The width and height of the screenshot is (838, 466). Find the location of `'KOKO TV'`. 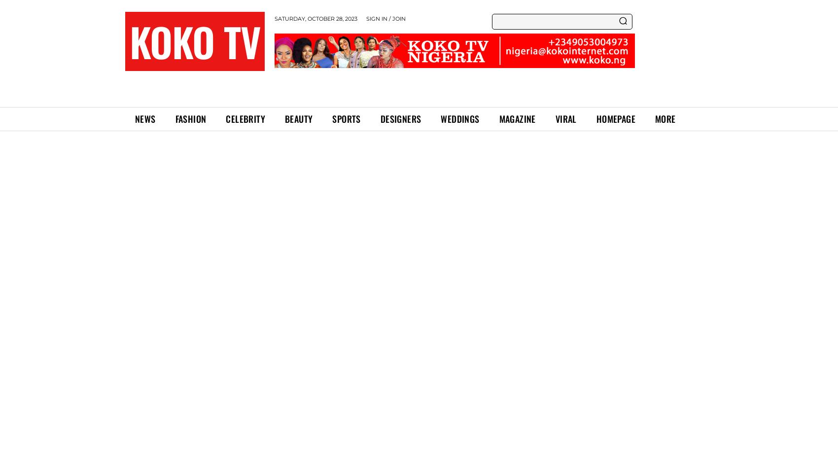

'KOKO TV' is located at coordinates (194, 41).